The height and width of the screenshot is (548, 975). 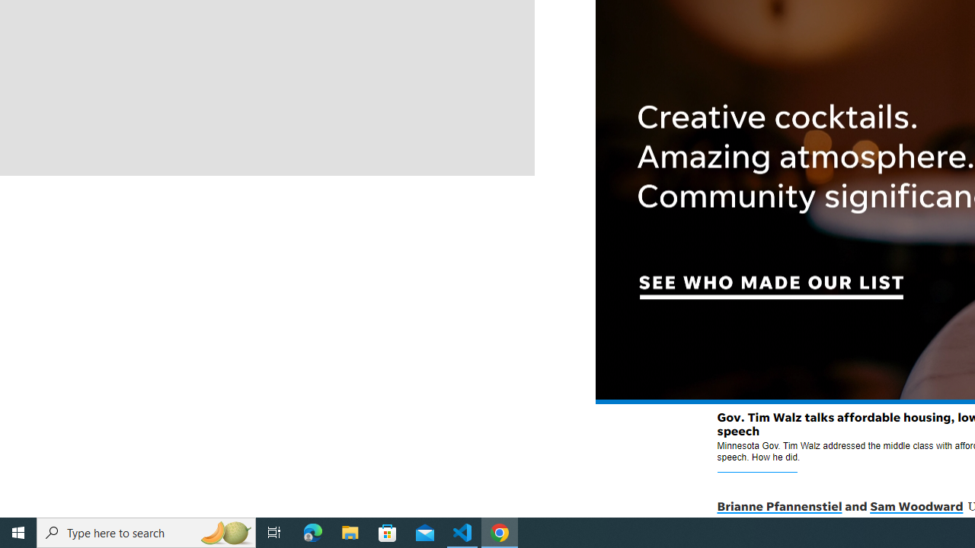 I want to click on 'Sam Woodward', so click(x=916, y=507).